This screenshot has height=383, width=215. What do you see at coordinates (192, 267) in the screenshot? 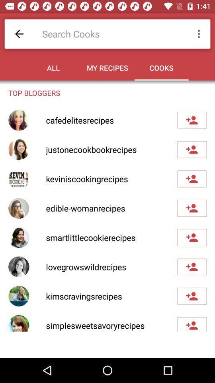
I see `follow` at bounding box center [192, 267].